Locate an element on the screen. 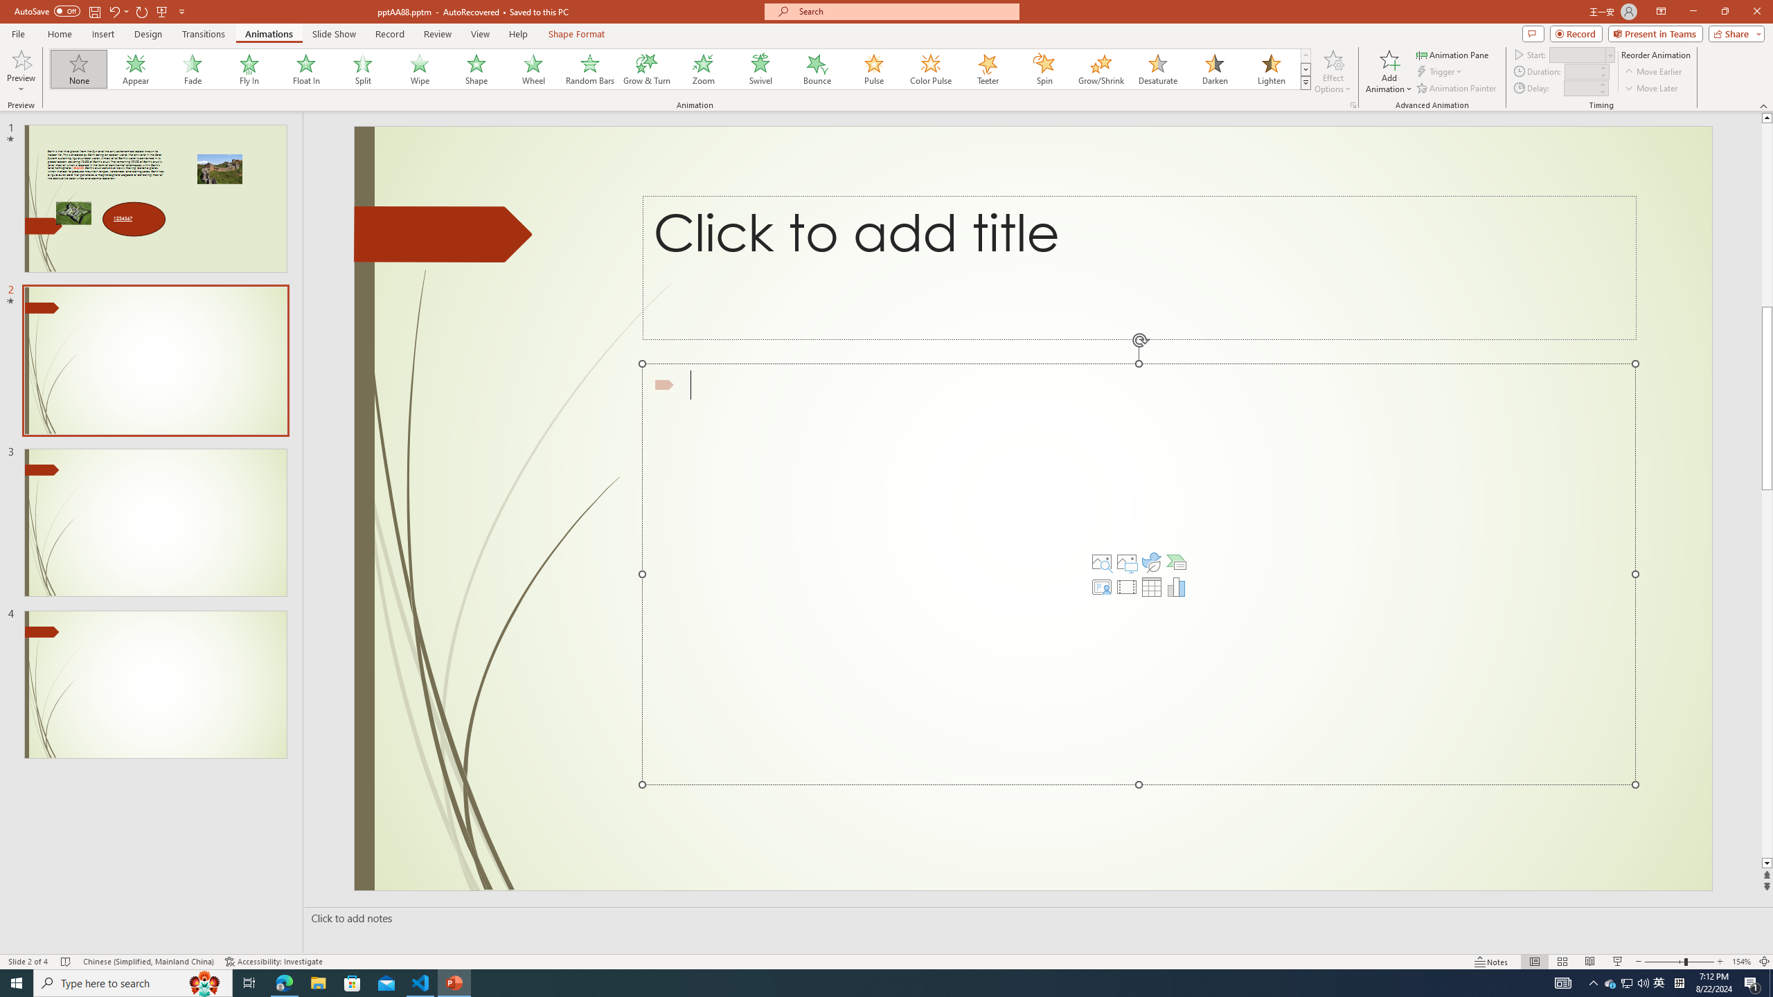 Image resolution: width=1773 pixels, height=997 pixels. 'Zoom 154%' is located at coordinates (1742, 962).